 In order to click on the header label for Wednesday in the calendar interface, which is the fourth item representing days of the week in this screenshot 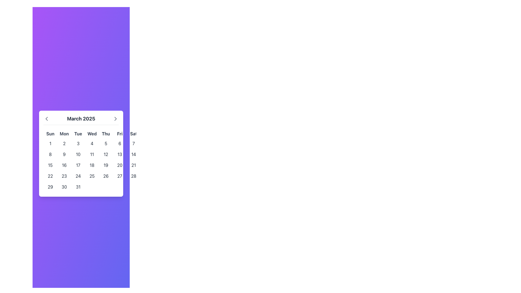, I will do `click(92, 133)`.